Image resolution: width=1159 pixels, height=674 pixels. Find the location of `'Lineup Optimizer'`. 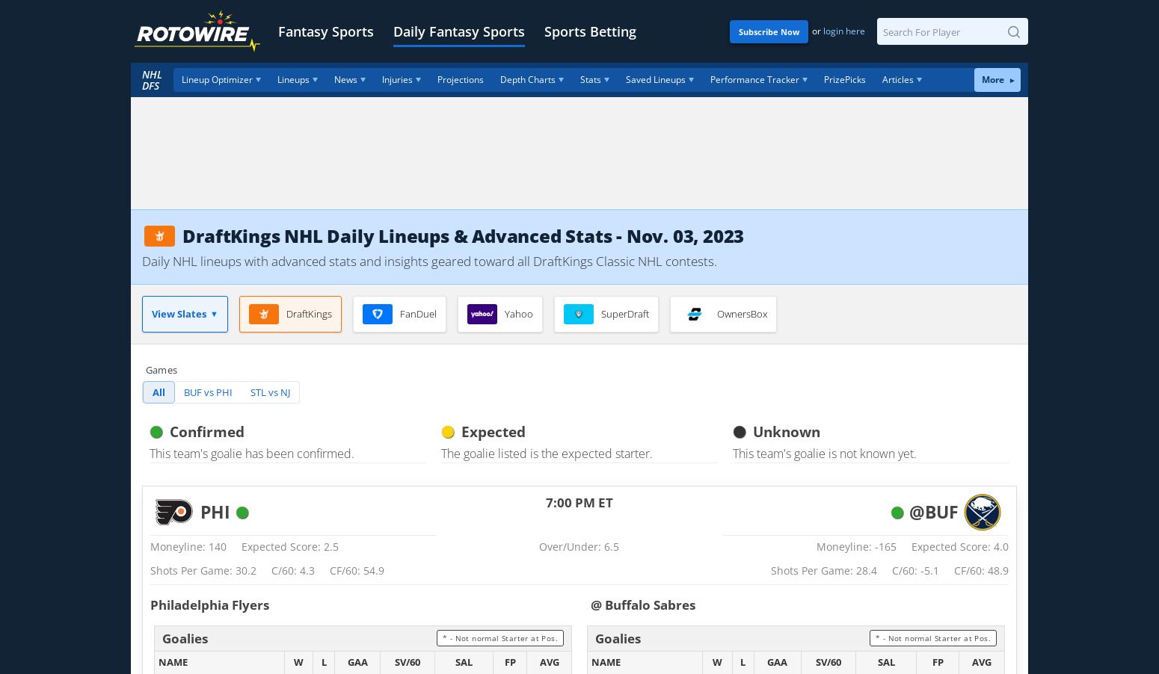

'Lineup Optimizer' is located at coordinates (217, 79).